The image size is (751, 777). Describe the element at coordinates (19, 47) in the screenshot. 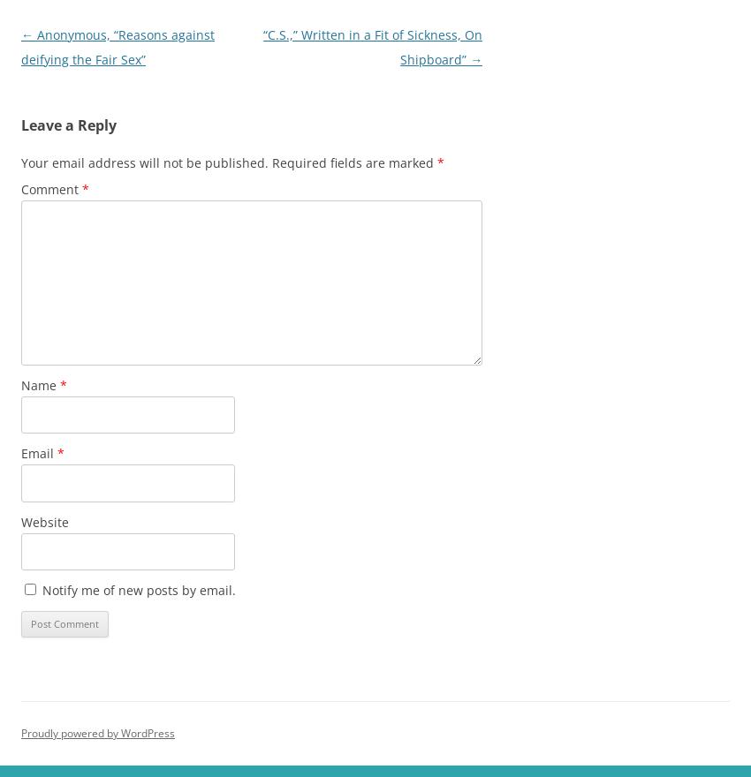

I see `'Anonymous, “Reasons against deifying the Fair Sex”'` at that location.